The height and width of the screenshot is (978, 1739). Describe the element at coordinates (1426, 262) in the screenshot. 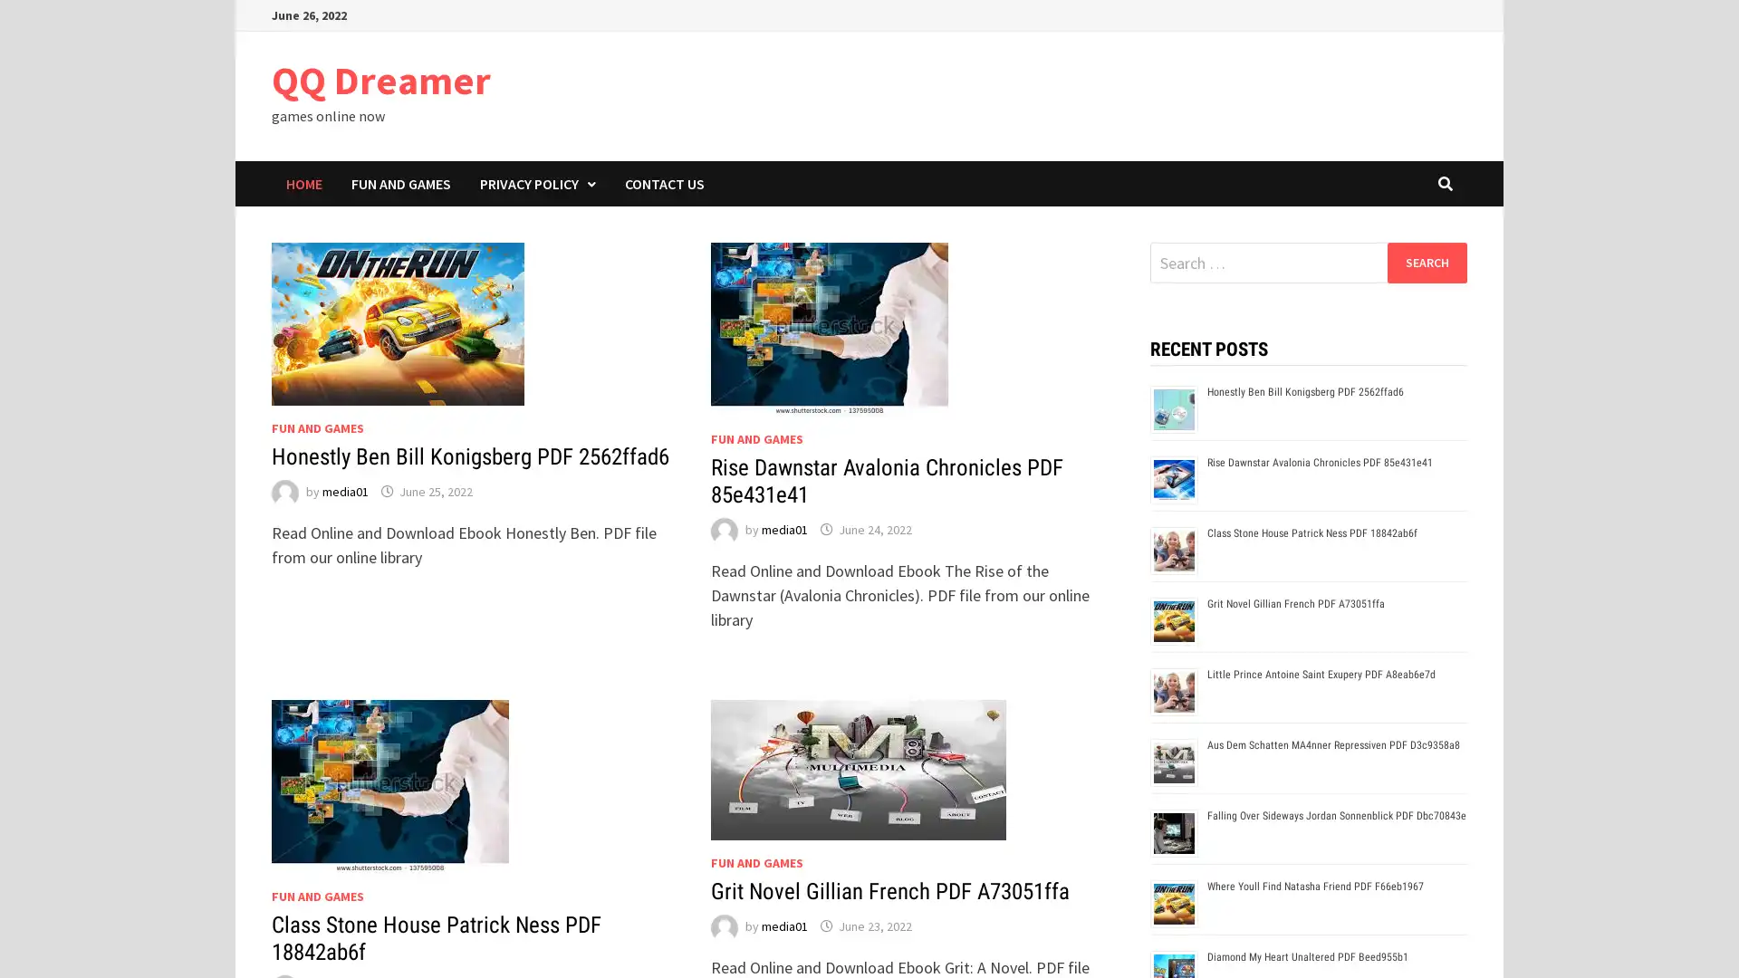

I see `Search` at that location.